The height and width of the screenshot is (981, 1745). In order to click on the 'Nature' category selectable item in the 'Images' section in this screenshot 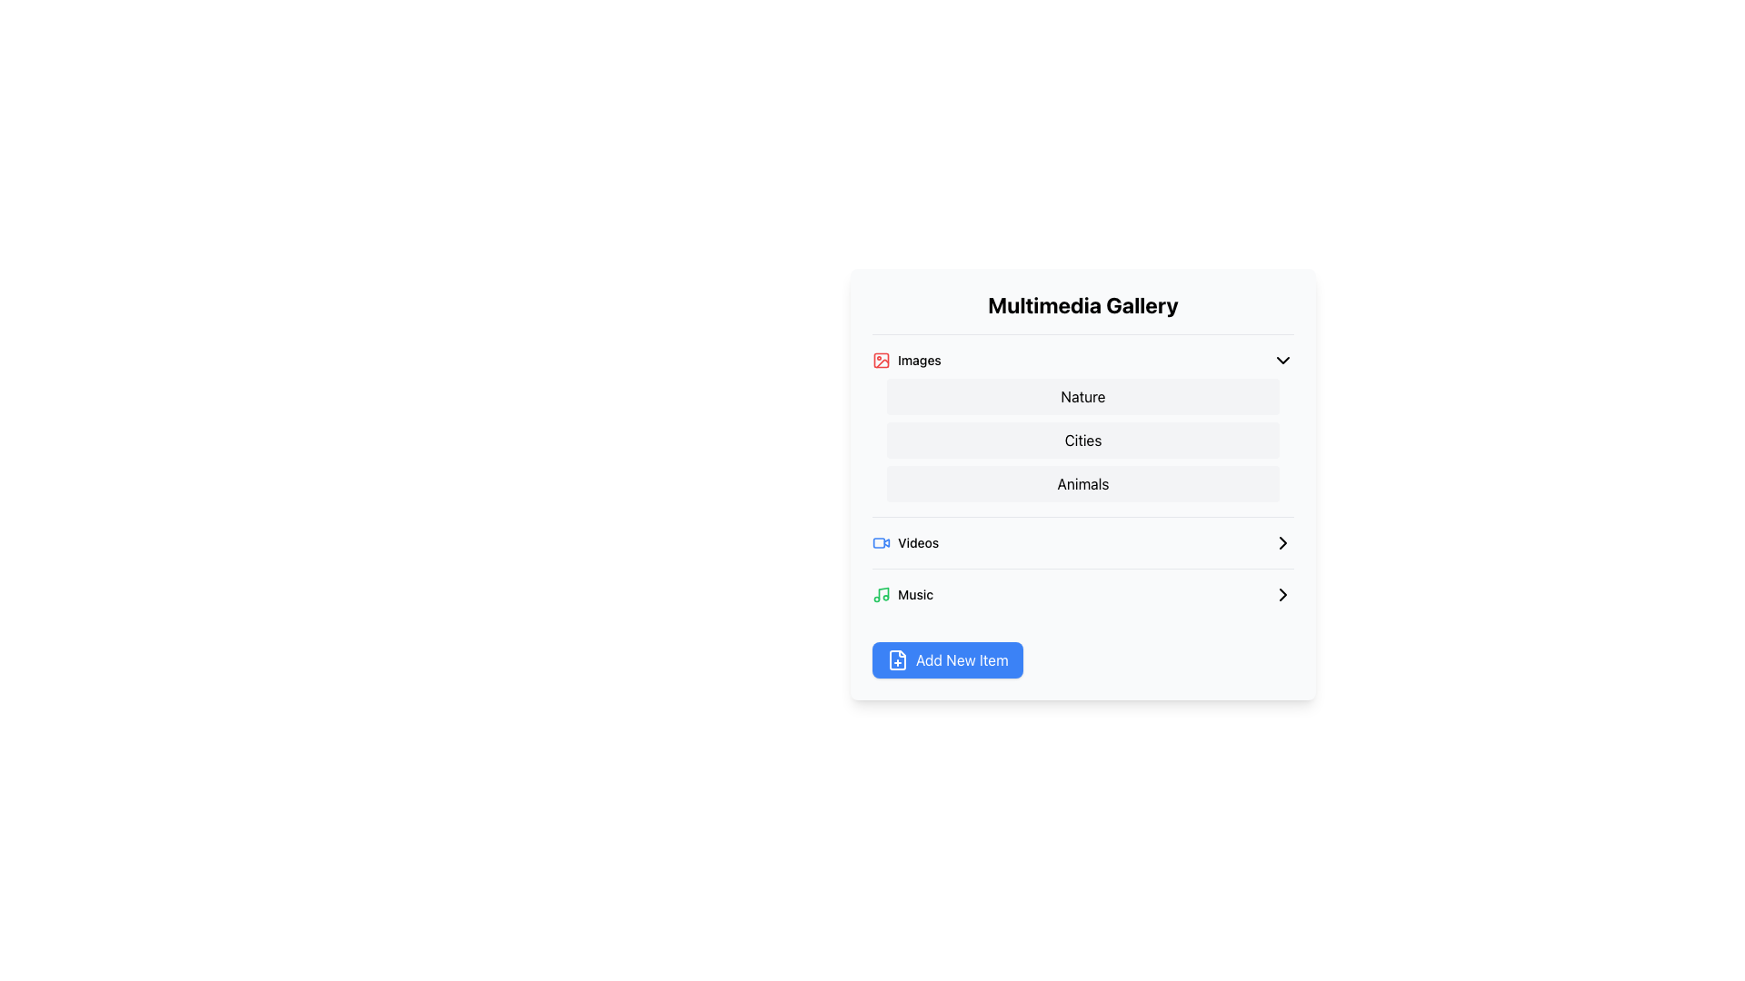, I will do `click(1082, 395)`.